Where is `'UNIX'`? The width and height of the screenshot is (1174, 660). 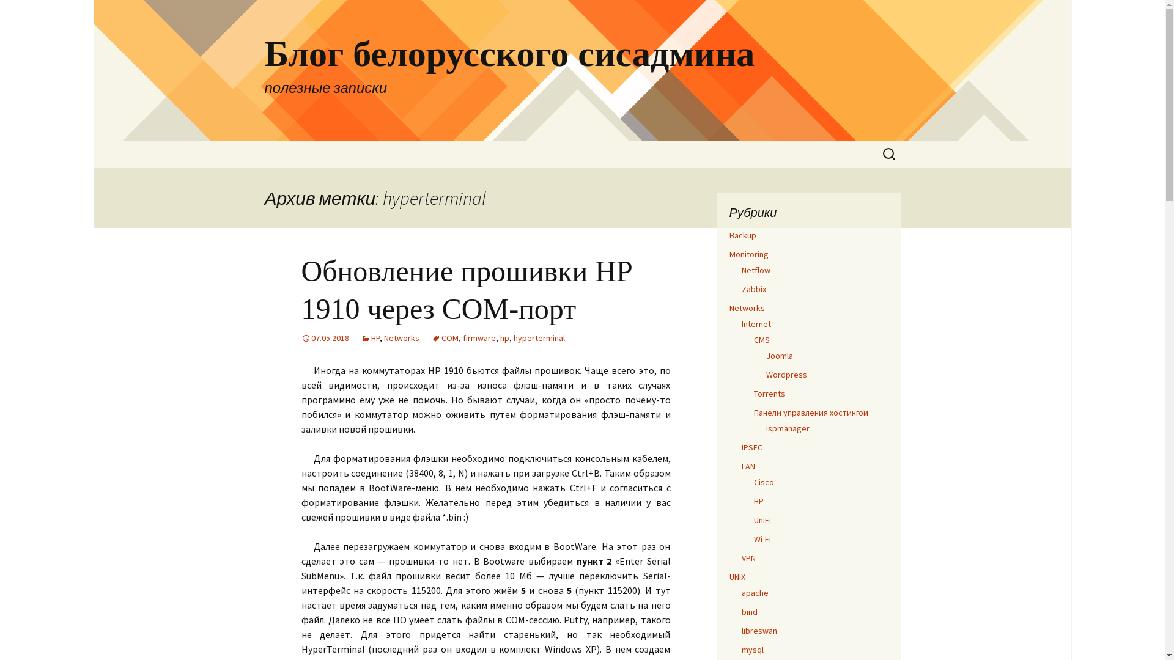
'UNIX' is located at coordinates (736, 577).